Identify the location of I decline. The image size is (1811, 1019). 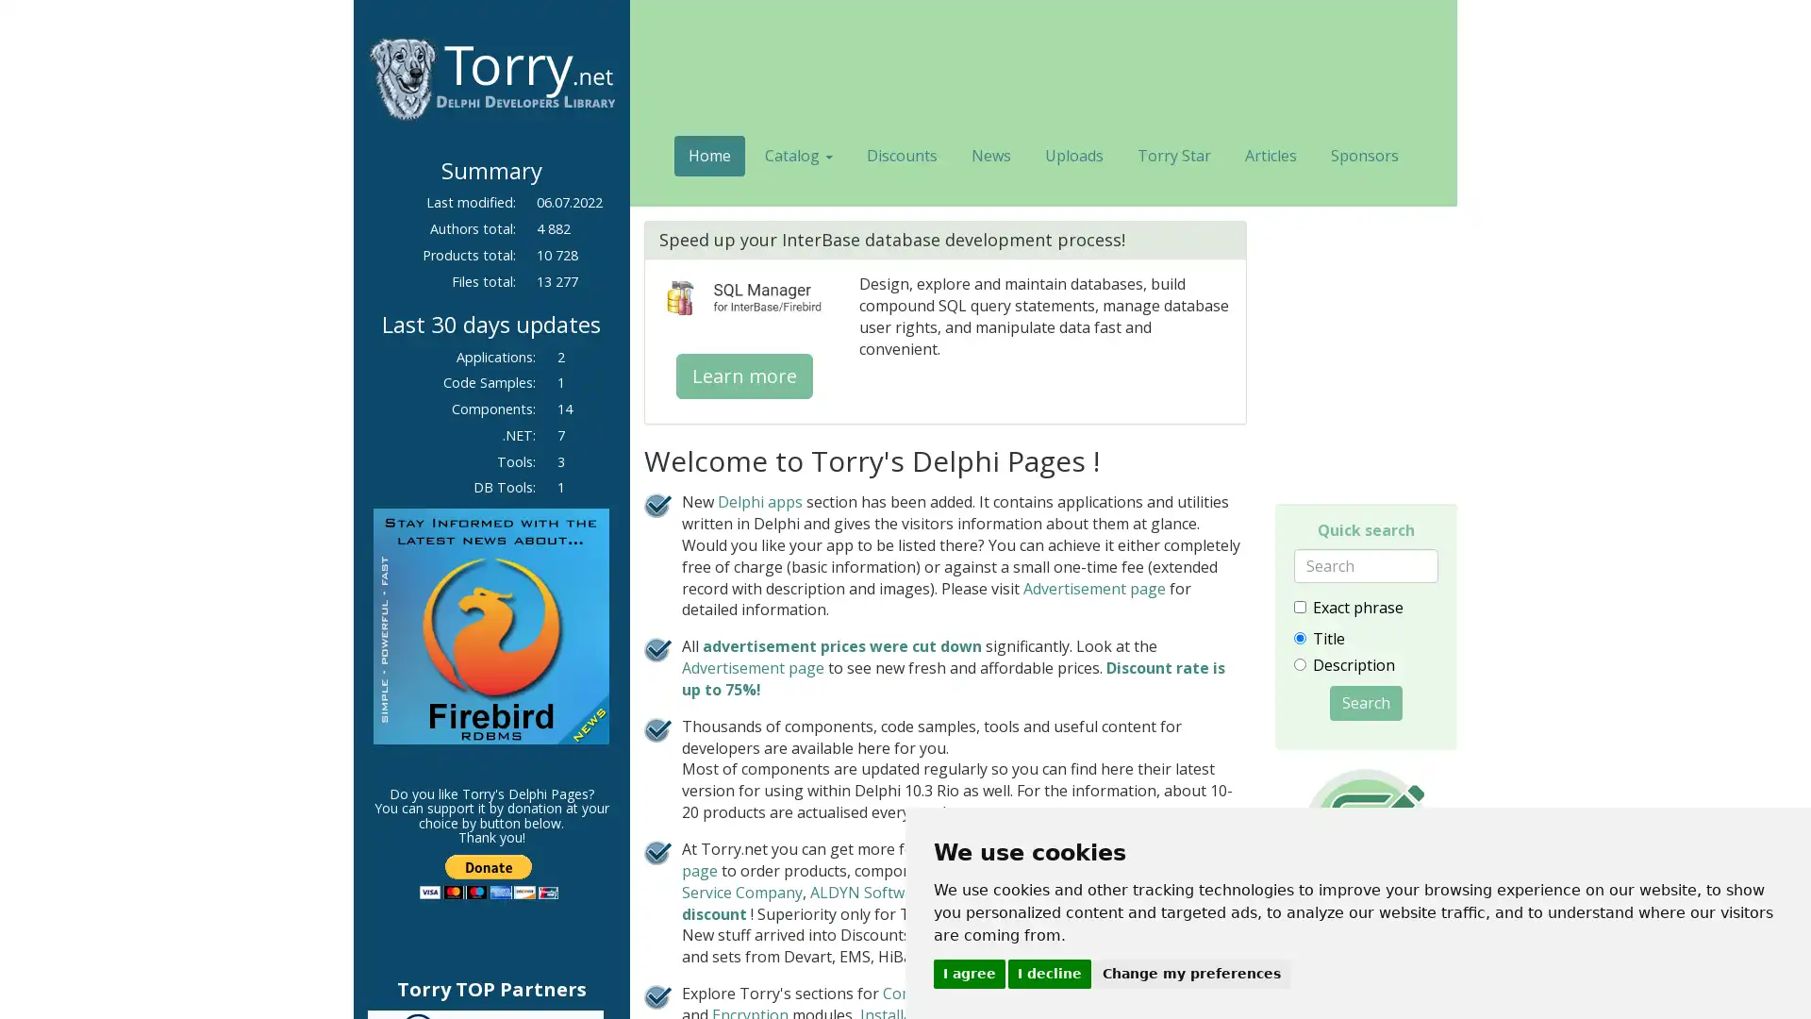
(1048, 973).